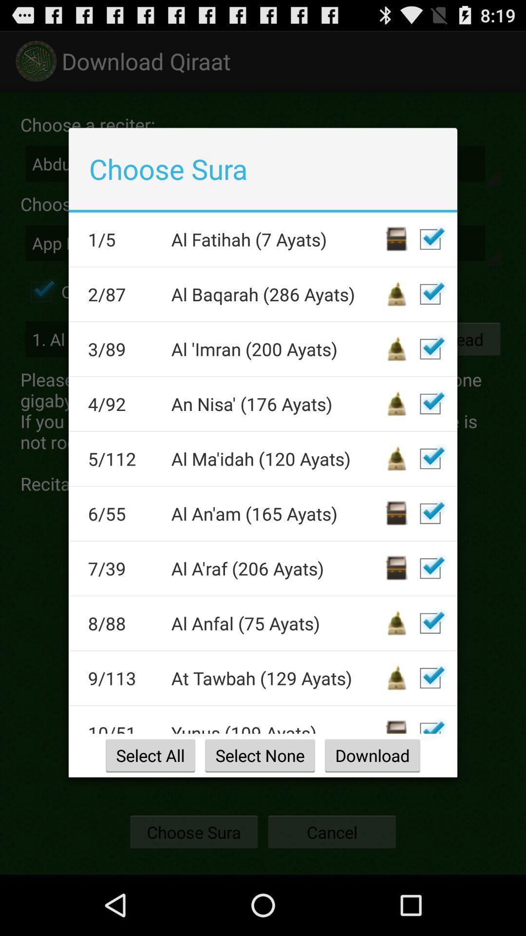  Describe the element at coordinates (430, 623) in the screenshot. I see `the selection` at that location.